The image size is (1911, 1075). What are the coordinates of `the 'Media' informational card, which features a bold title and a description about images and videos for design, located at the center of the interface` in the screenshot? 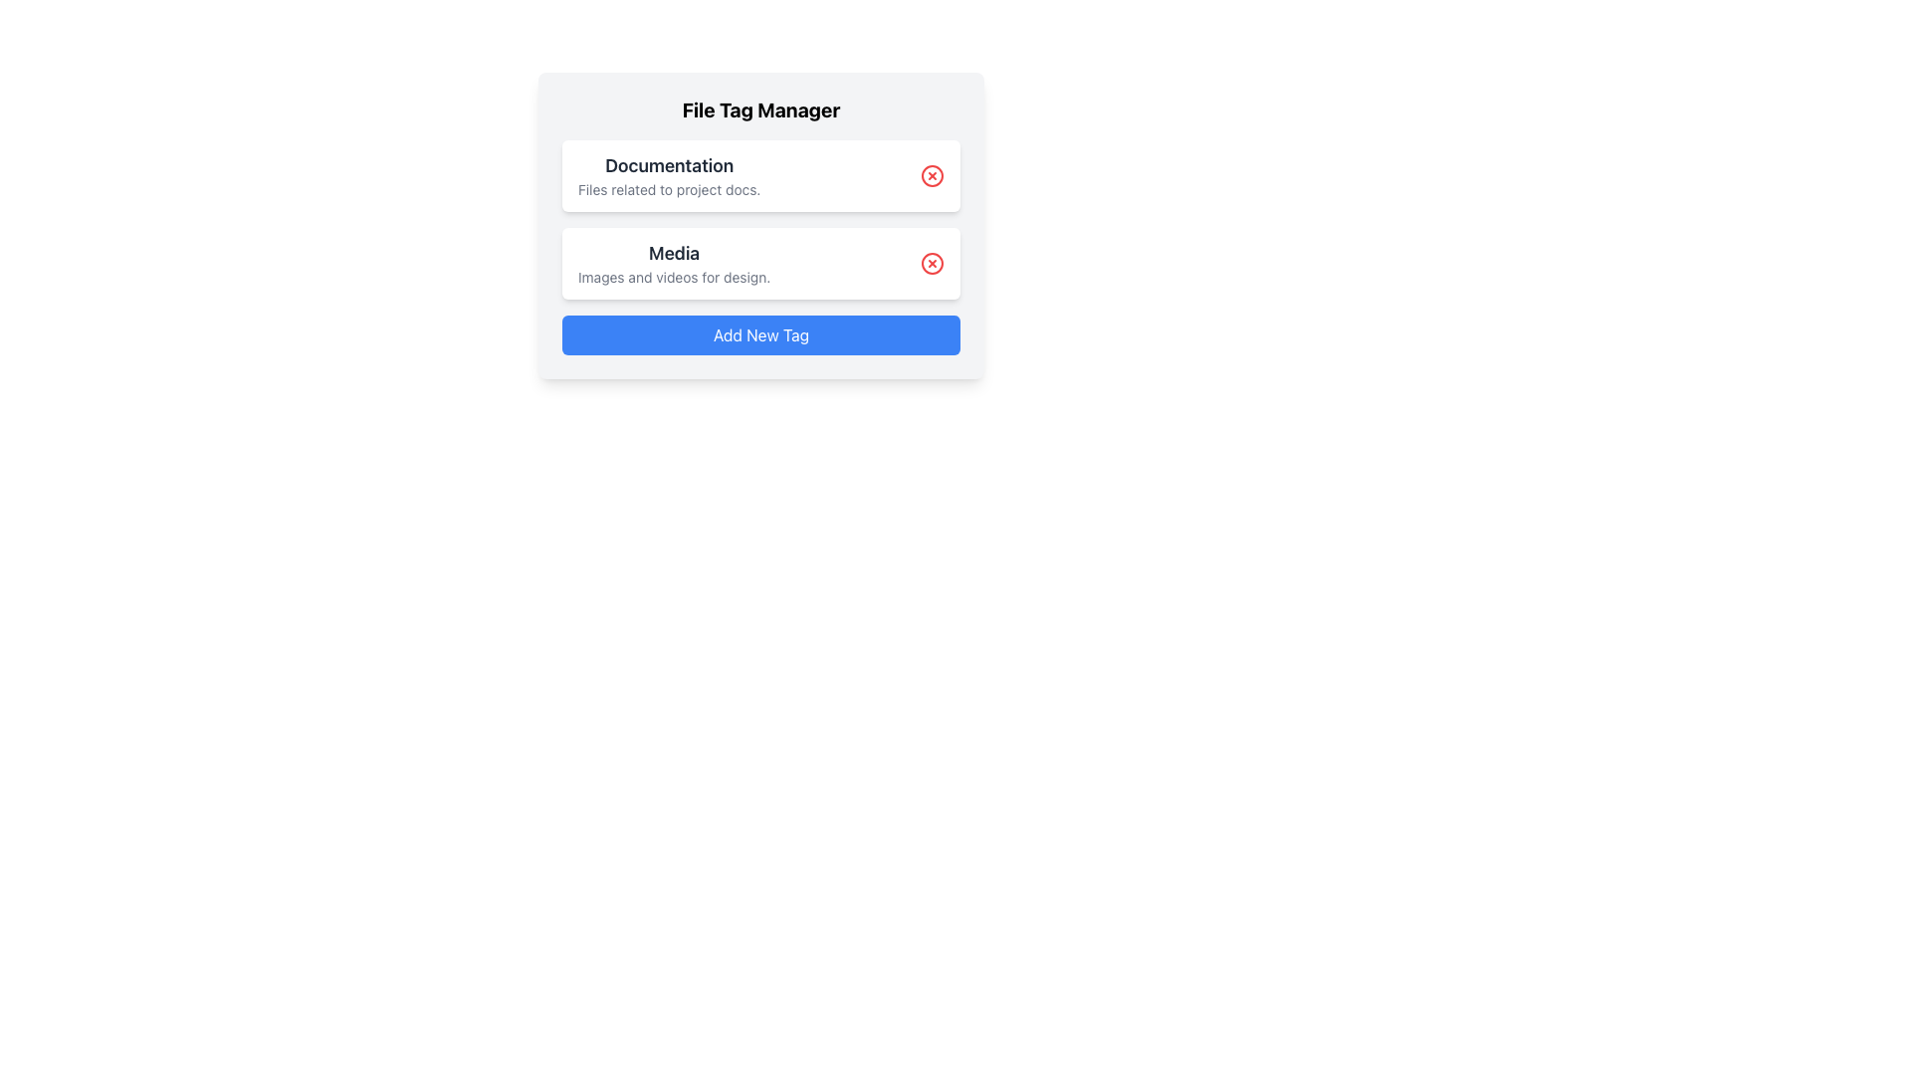 It's located at (759, 263).